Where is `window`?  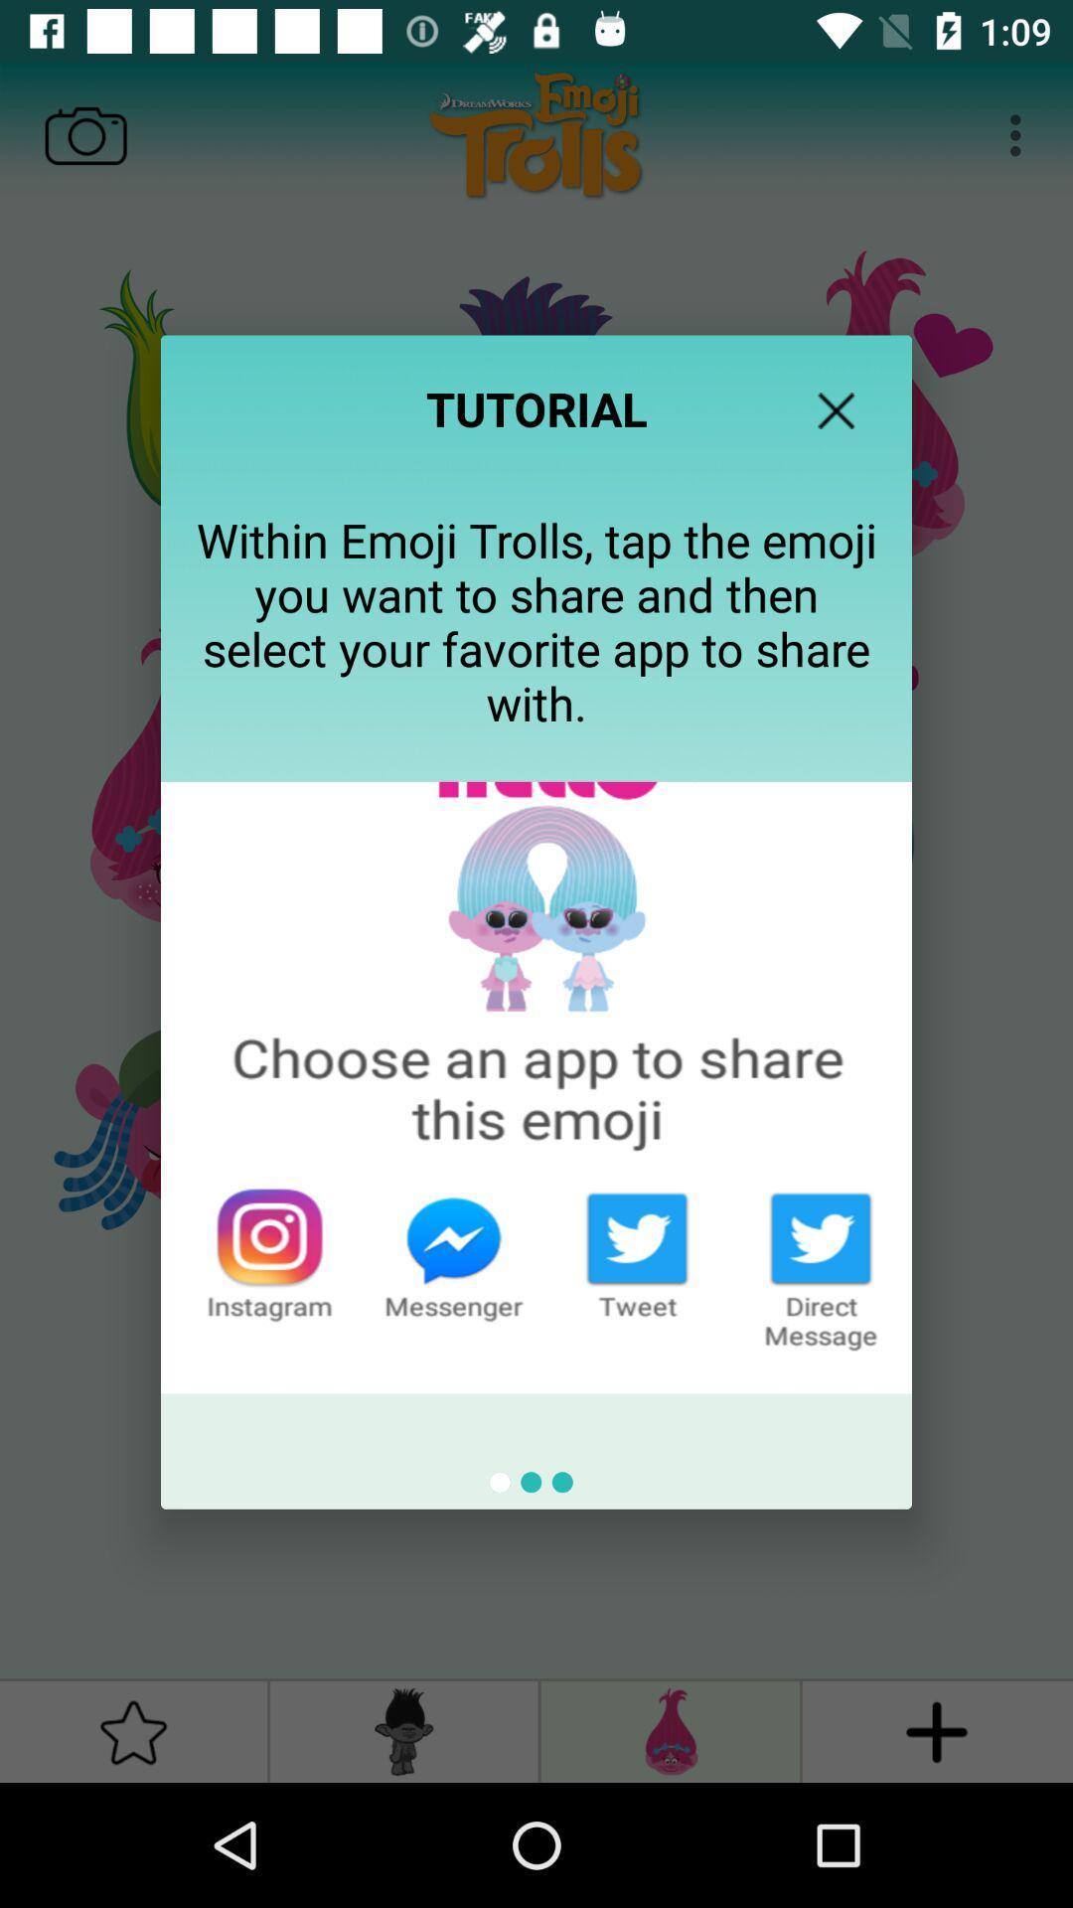
window is located at coordinates (836, 409).